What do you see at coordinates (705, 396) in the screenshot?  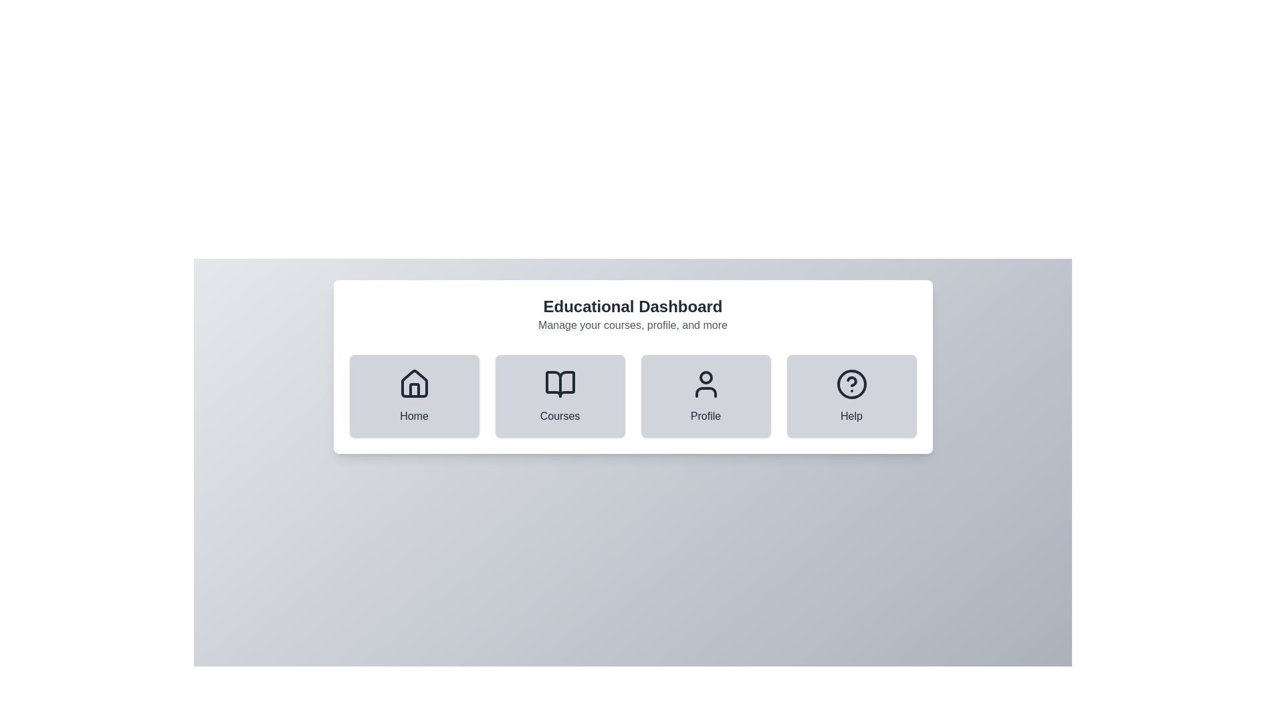 I see `the Interactive Card displaying a user figure icon and the word 'Profile', located in the third position of a four-card grid layout` at bounding box center [705, 396].